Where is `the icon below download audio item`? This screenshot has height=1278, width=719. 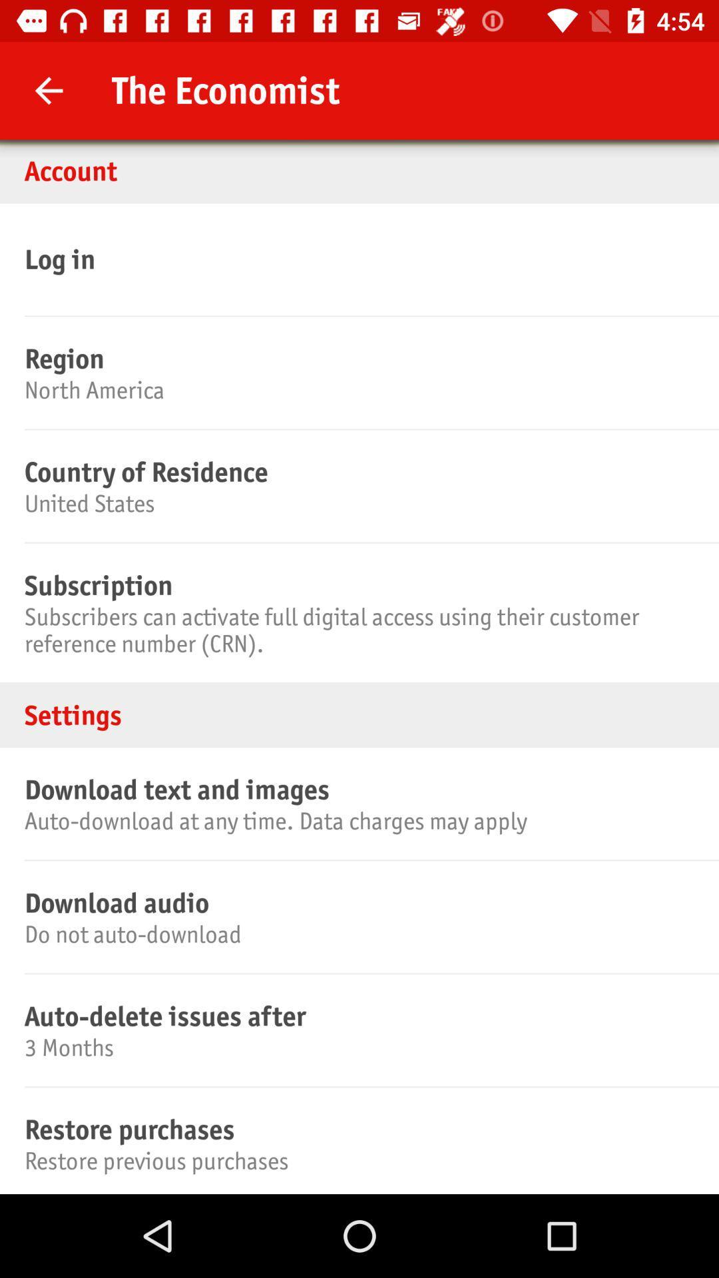 the icon below download audio item is located at coordinates (357, 933).